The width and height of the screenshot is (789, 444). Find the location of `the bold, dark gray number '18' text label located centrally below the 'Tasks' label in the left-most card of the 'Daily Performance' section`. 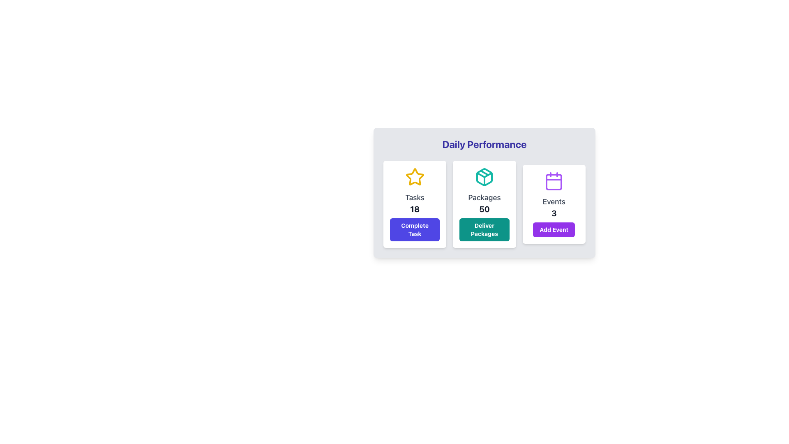

the bold, dark gray number '18' text label located centrally below the 'Tasks' label in the left-most card of the 'Daily Performance' section is located at coordinates (415, 209).